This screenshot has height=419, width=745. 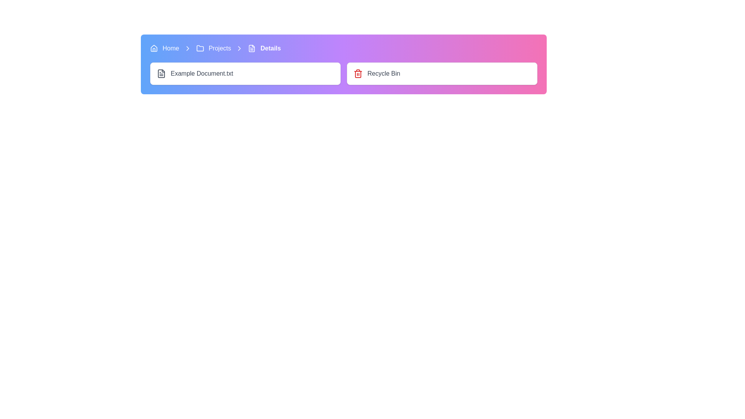 What do you see at coordinates (154, 48) in the screenshot?
I see `the house-shaped icon in the breadcrumb navigation bar` at bounding box center [154, 48].